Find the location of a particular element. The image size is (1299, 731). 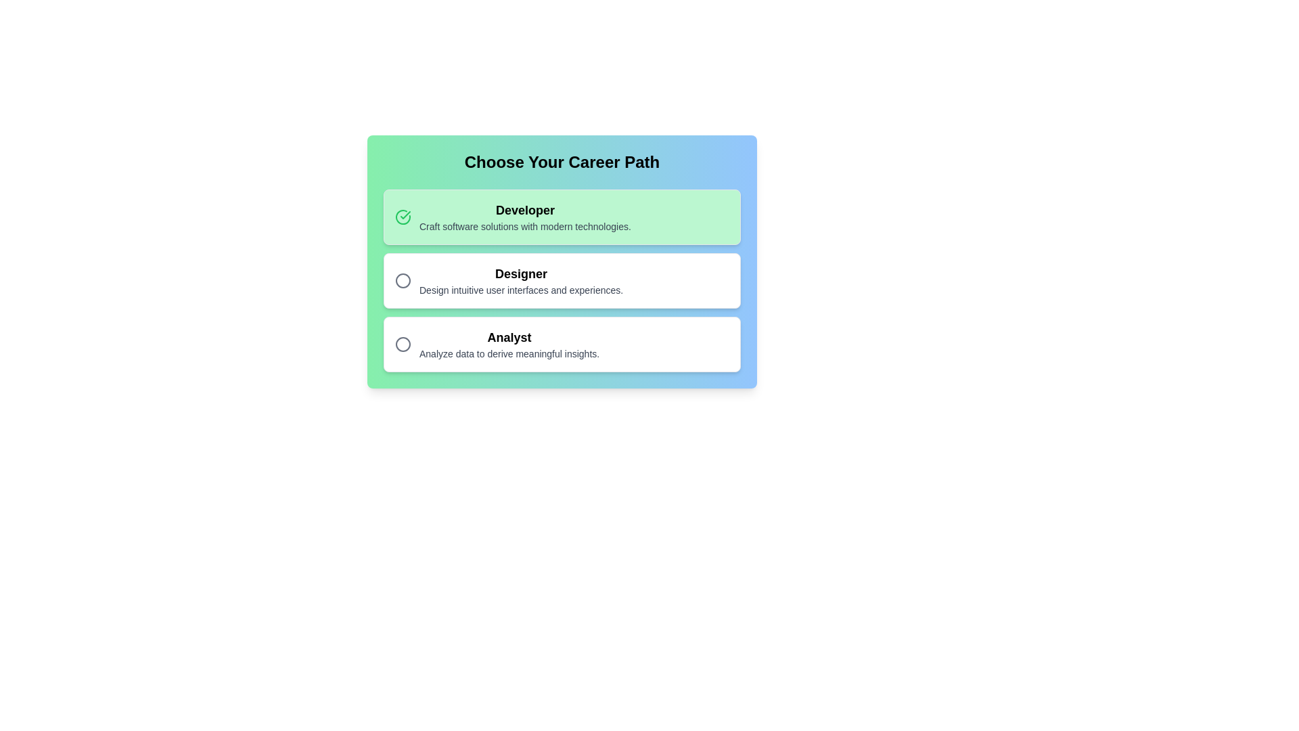

the descriptive text block providing information about the 'Analyst' role, located below the 'Analyst' heading is located at coordinates (509, 353).